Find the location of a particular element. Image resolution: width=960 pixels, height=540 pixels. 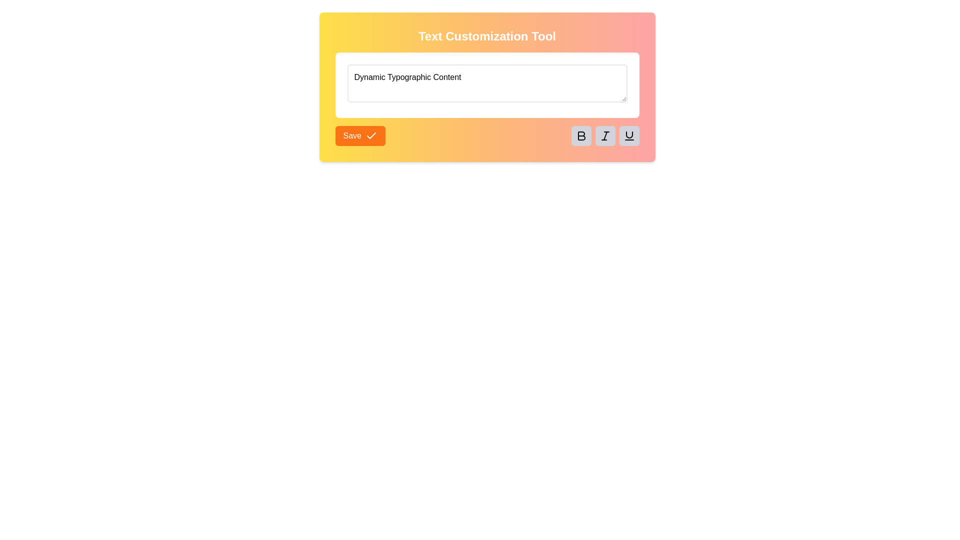

the underline button, the last icon in the formatting row is located at coordinates (628, 136).